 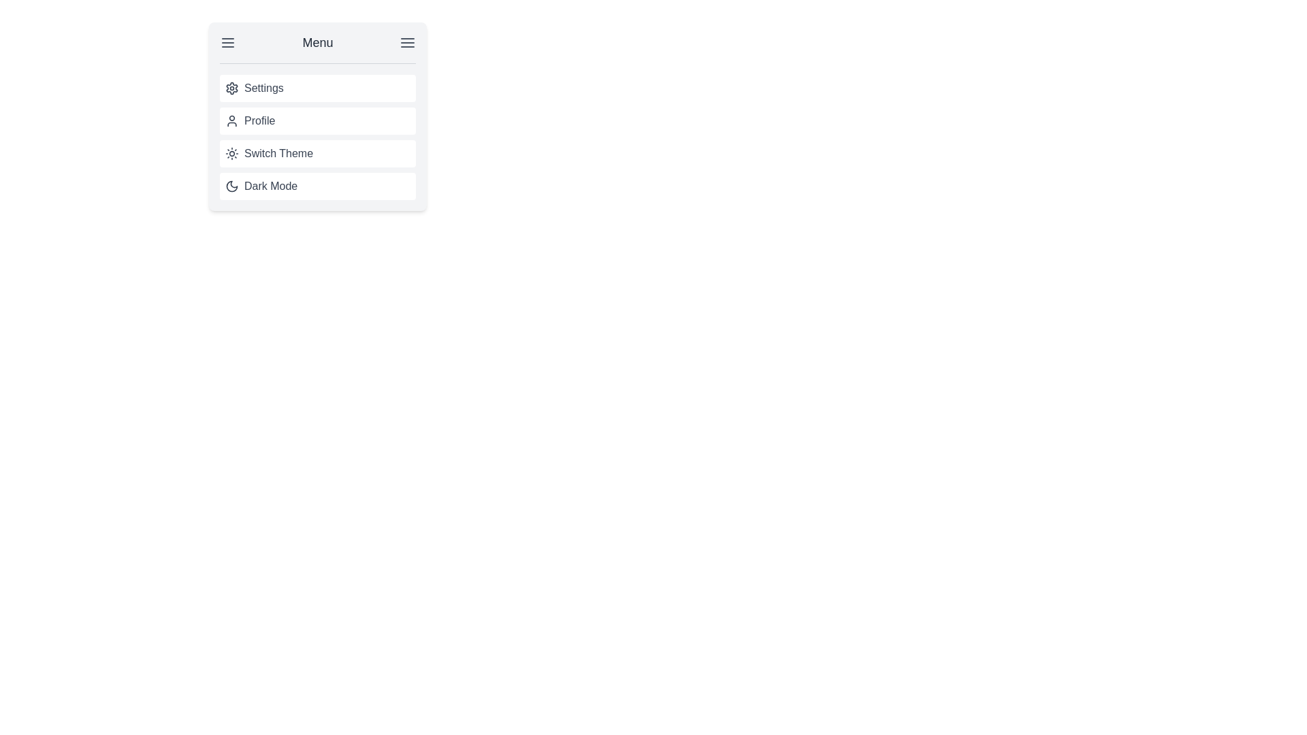 I want to click on the 'Profile' menu item located within the menu card, so click(x=317, y=116).